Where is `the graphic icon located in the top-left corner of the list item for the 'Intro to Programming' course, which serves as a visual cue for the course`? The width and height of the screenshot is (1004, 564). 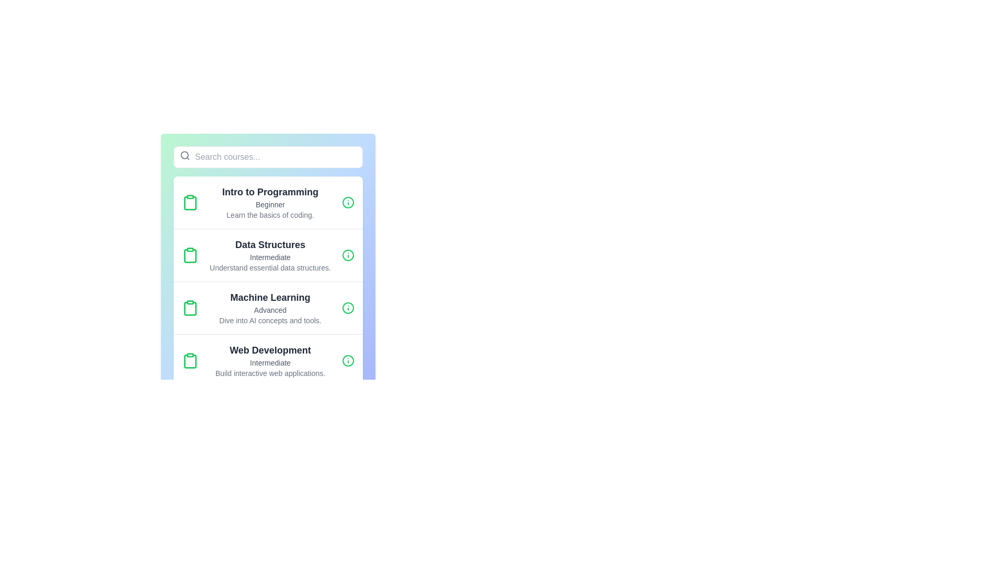 the graphic icon located in the top-left corner of the list item for the 'Intro to Programming' course, which serves as a visual cue for the course is located at coordinates (190, 203).